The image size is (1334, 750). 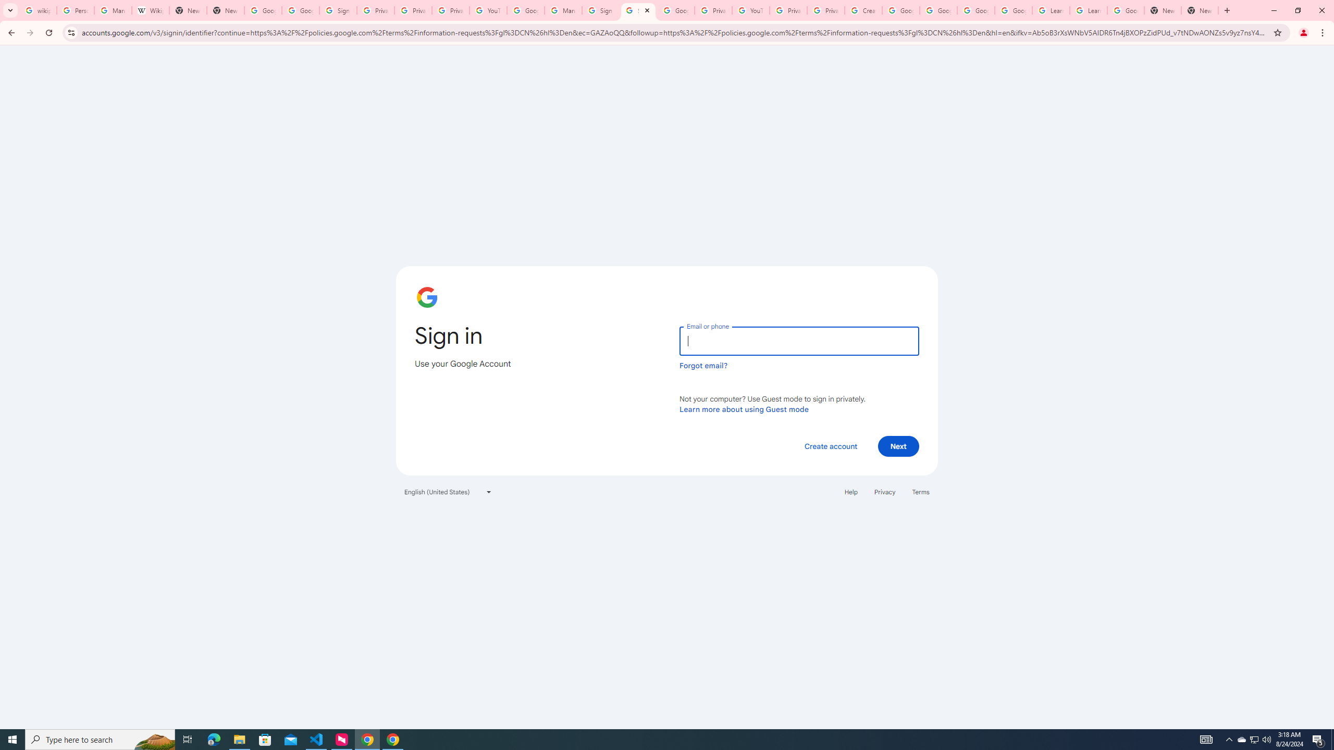 I want to click on 'English (United States)', so click(x=448, y=491).